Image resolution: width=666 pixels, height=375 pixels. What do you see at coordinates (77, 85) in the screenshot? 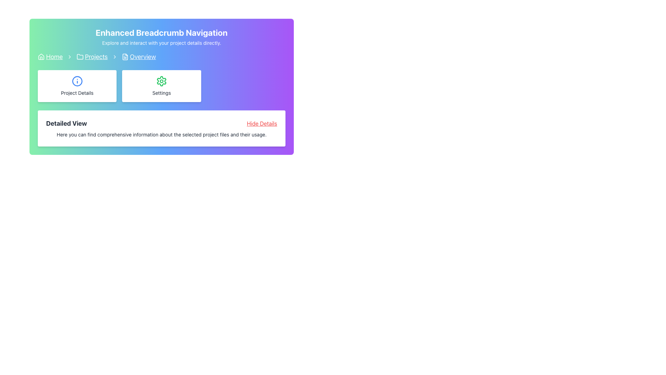
I see `the 'Project Details' card-like component with an info-icon styled in blue, which is part of a three-column grid layout` at bounding box center [77, 85].